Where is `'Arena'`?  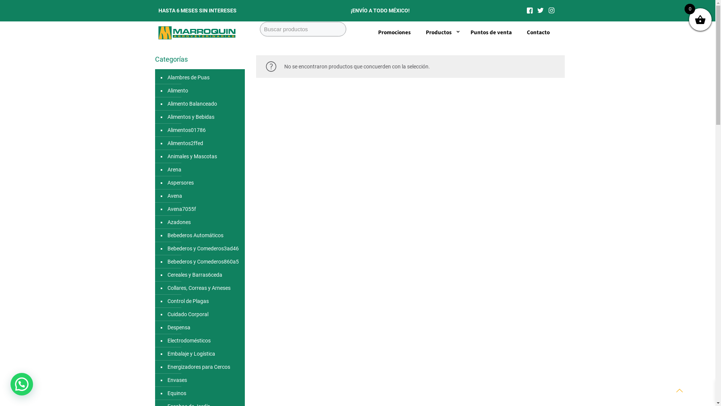
'Arena' is located at coordinates (204, 170).